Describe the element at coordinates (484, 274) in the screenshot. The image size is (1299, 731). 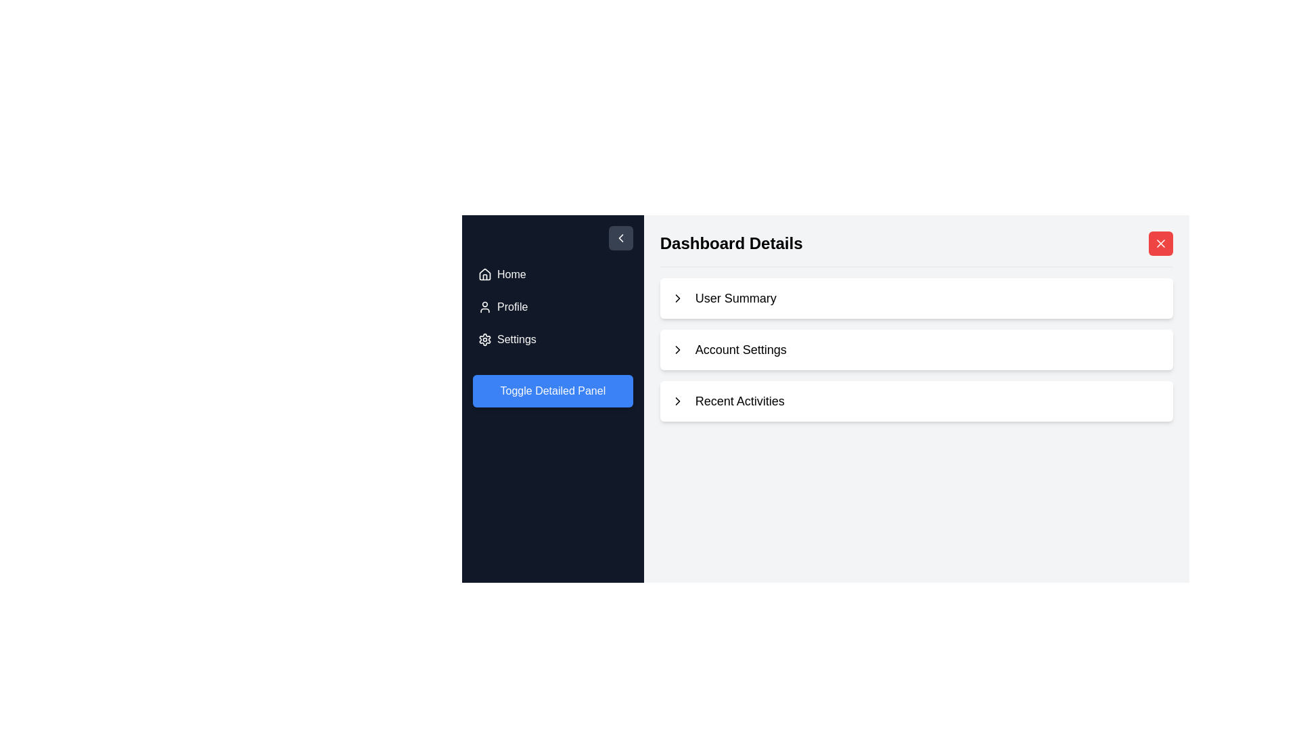
I see `the house icon, which is the first icon in the vertical navigation menu on the left-hand side` at that location.